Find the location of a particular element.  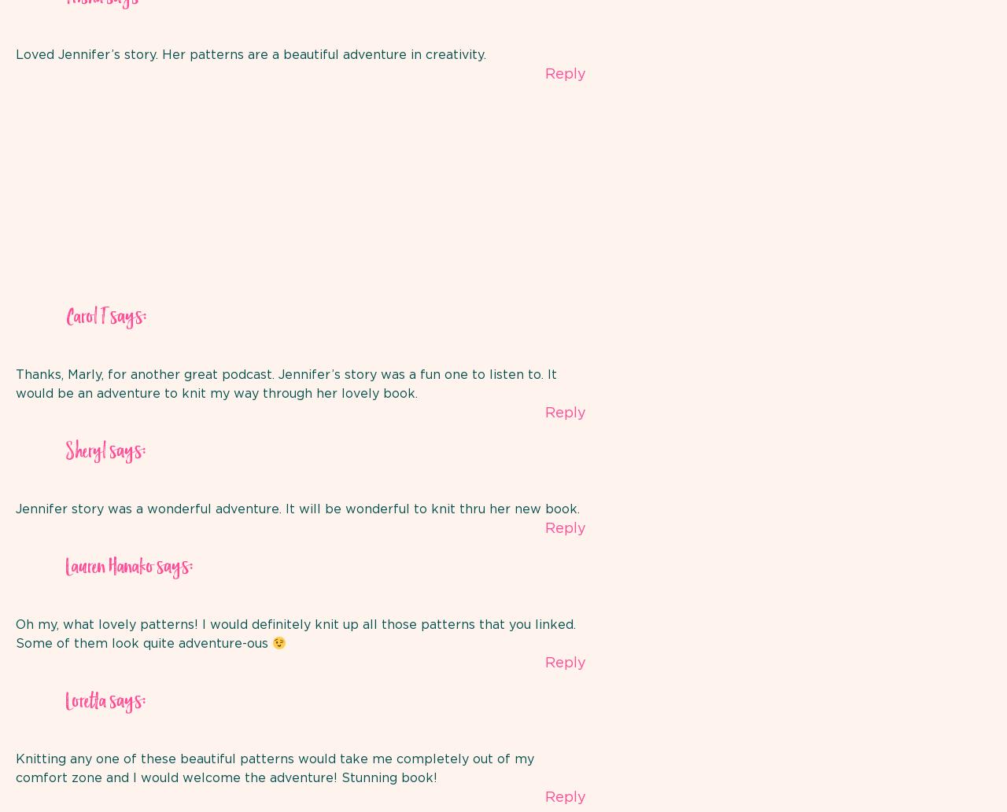

'Jennifer story was a wonderful adventure. It will be wonderful to knit thru her new book.' is located at coordinates (297, 509).